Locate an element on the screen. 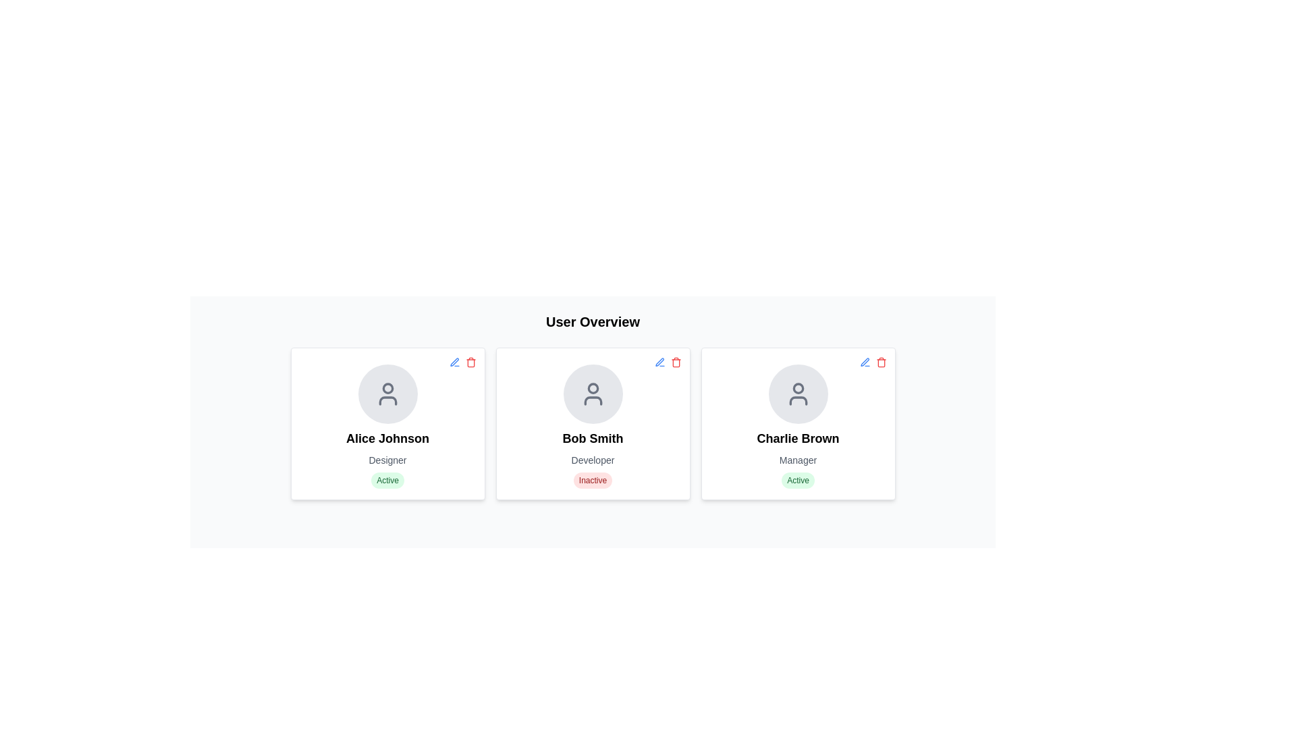 This screenshot has height=729, width=1296. the informational card representing user Bob Smith, which is the second card in a horizontal grid of user profiles is located at coordinates (593, 423).